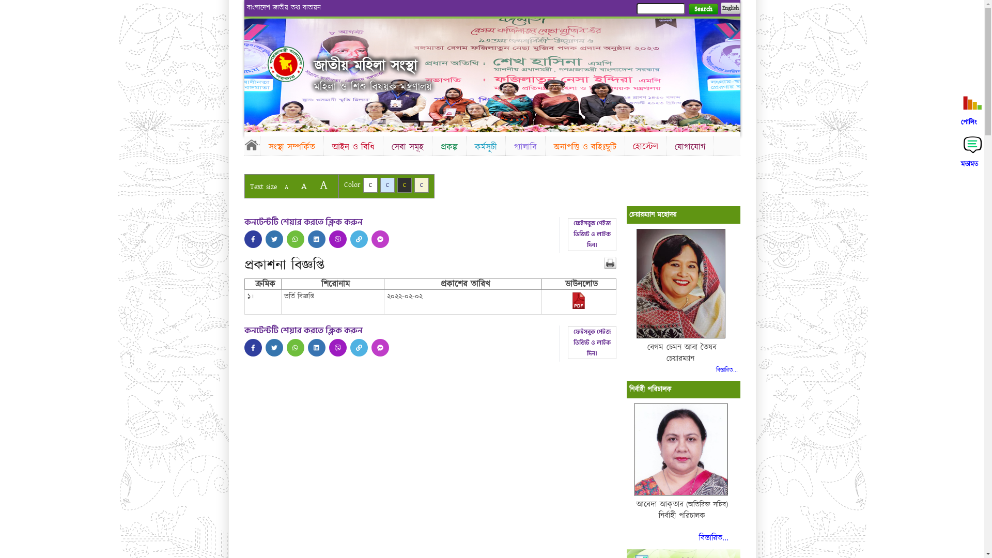 This screenshot has height=558, width=992. Describe the element at coordinates (286, 187) in the screenshot. I see `'A'` at that location.